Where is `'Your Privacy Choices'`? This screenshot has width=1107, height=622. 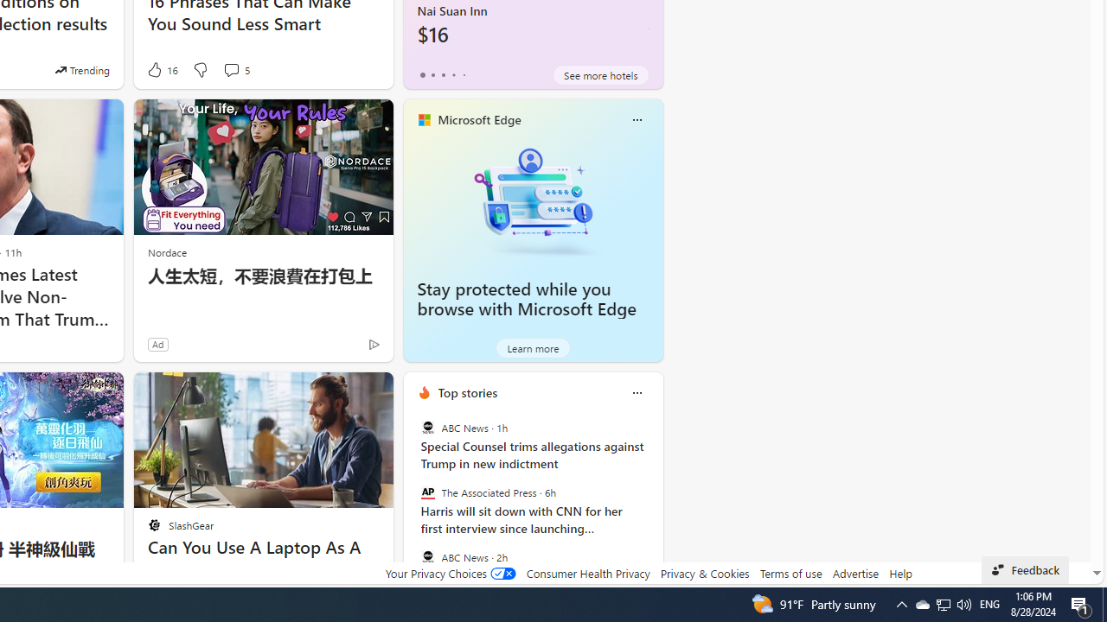 'Your Privacy Choices' is located at coordinates (450, 573).